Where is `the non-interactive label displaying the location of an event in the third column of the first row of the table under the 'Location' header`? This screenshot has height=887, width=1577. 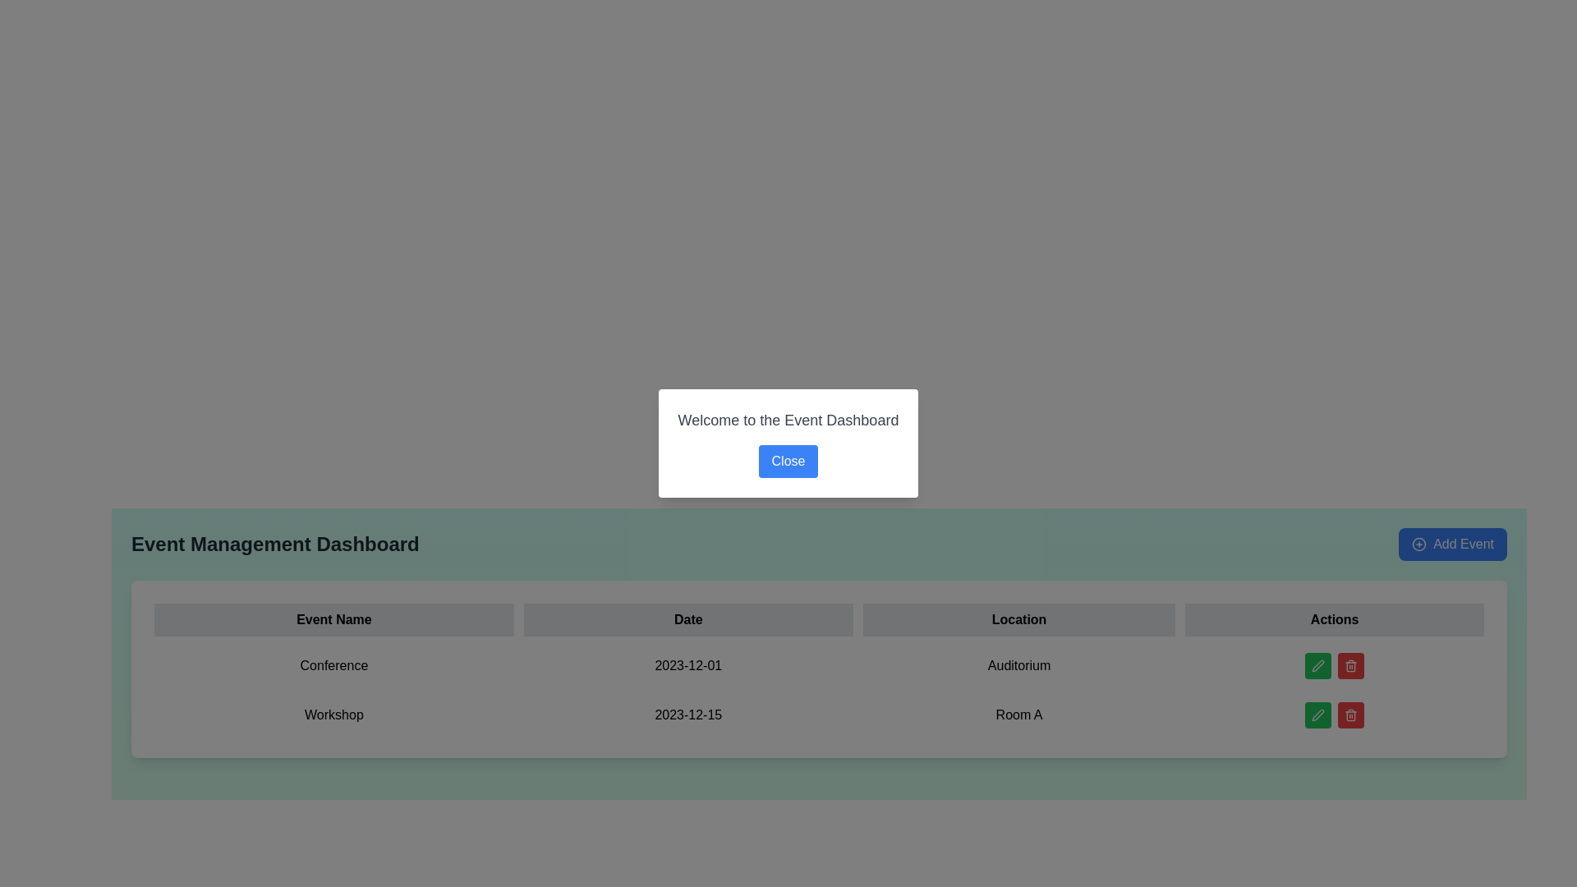
the non-interactive label displaying the location of an event in the third column of the first row of the table under the 'Location' header is located at coordinates (1018, 665).